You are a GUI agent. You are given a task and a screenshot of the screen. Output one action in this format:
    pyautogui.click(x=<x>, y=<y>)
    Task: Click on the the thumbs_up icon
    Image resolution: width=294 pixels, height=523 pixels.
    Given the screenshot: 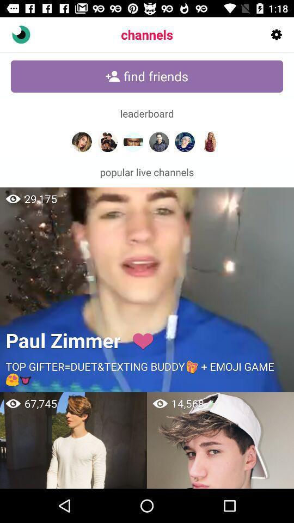 What is the action you would take?
    pyautogui.click(x=21, y=34)
    